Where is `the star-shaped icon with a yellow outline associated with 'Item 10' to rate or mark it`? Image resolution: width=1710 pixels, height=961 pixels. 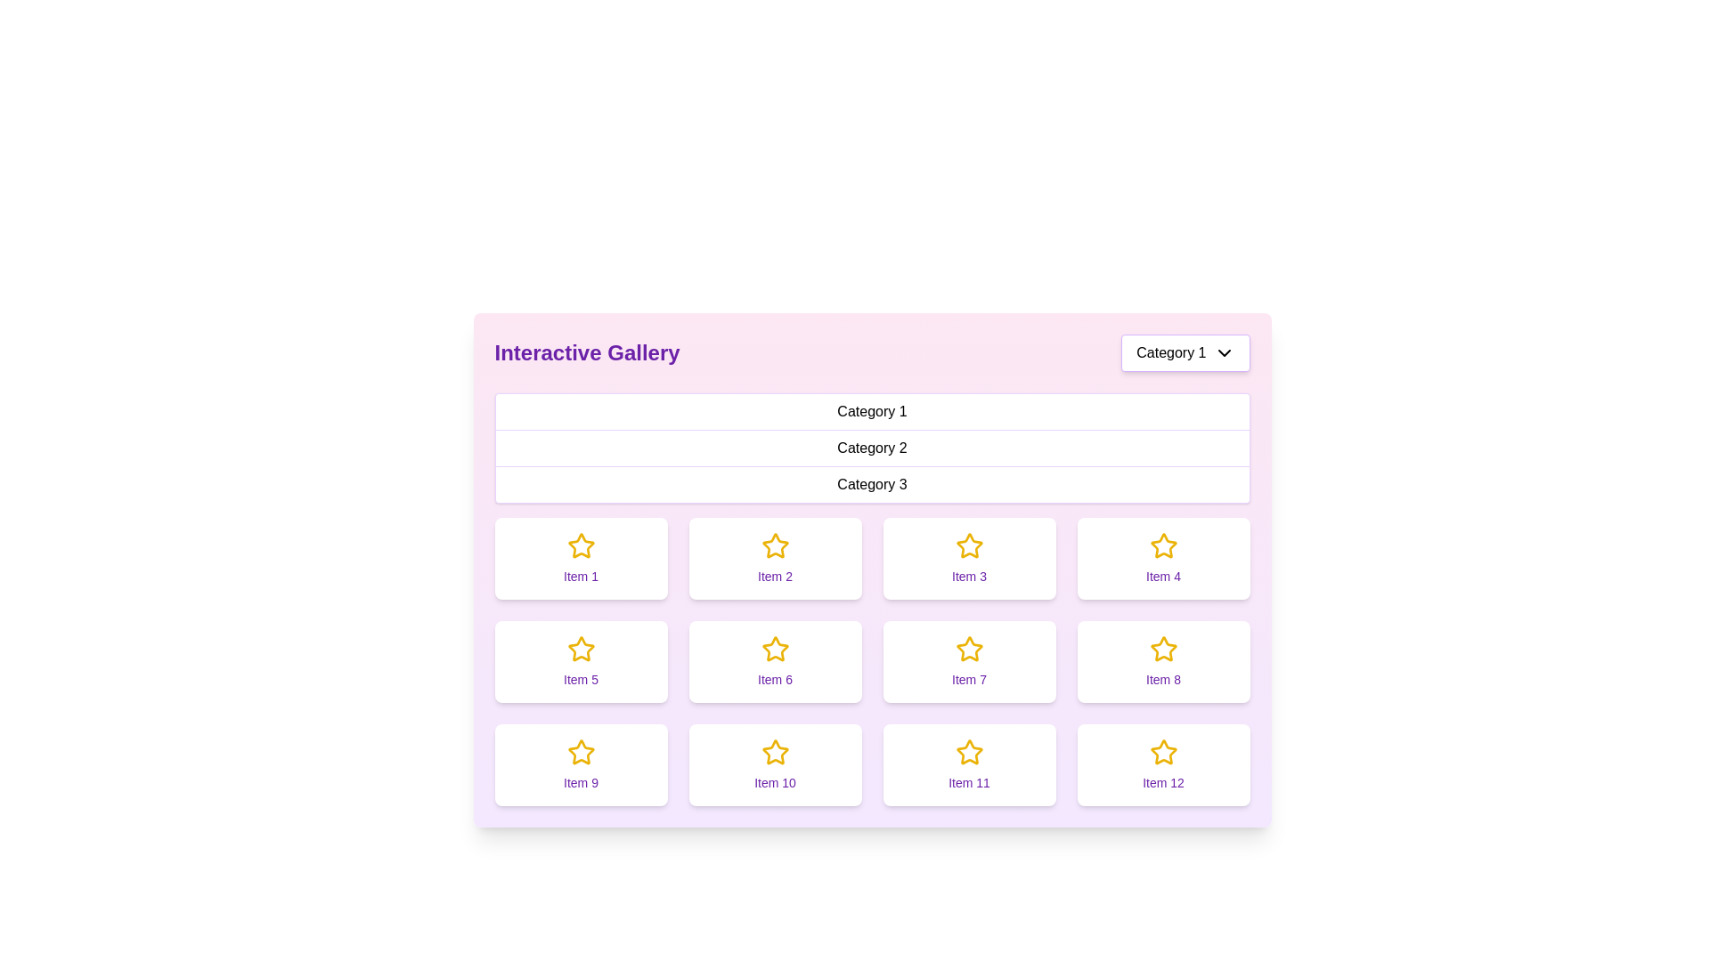 the star-shaped icon with a yellow outline associated with 'Item 10' to rate or mark it is located at coordinates (775, 752).